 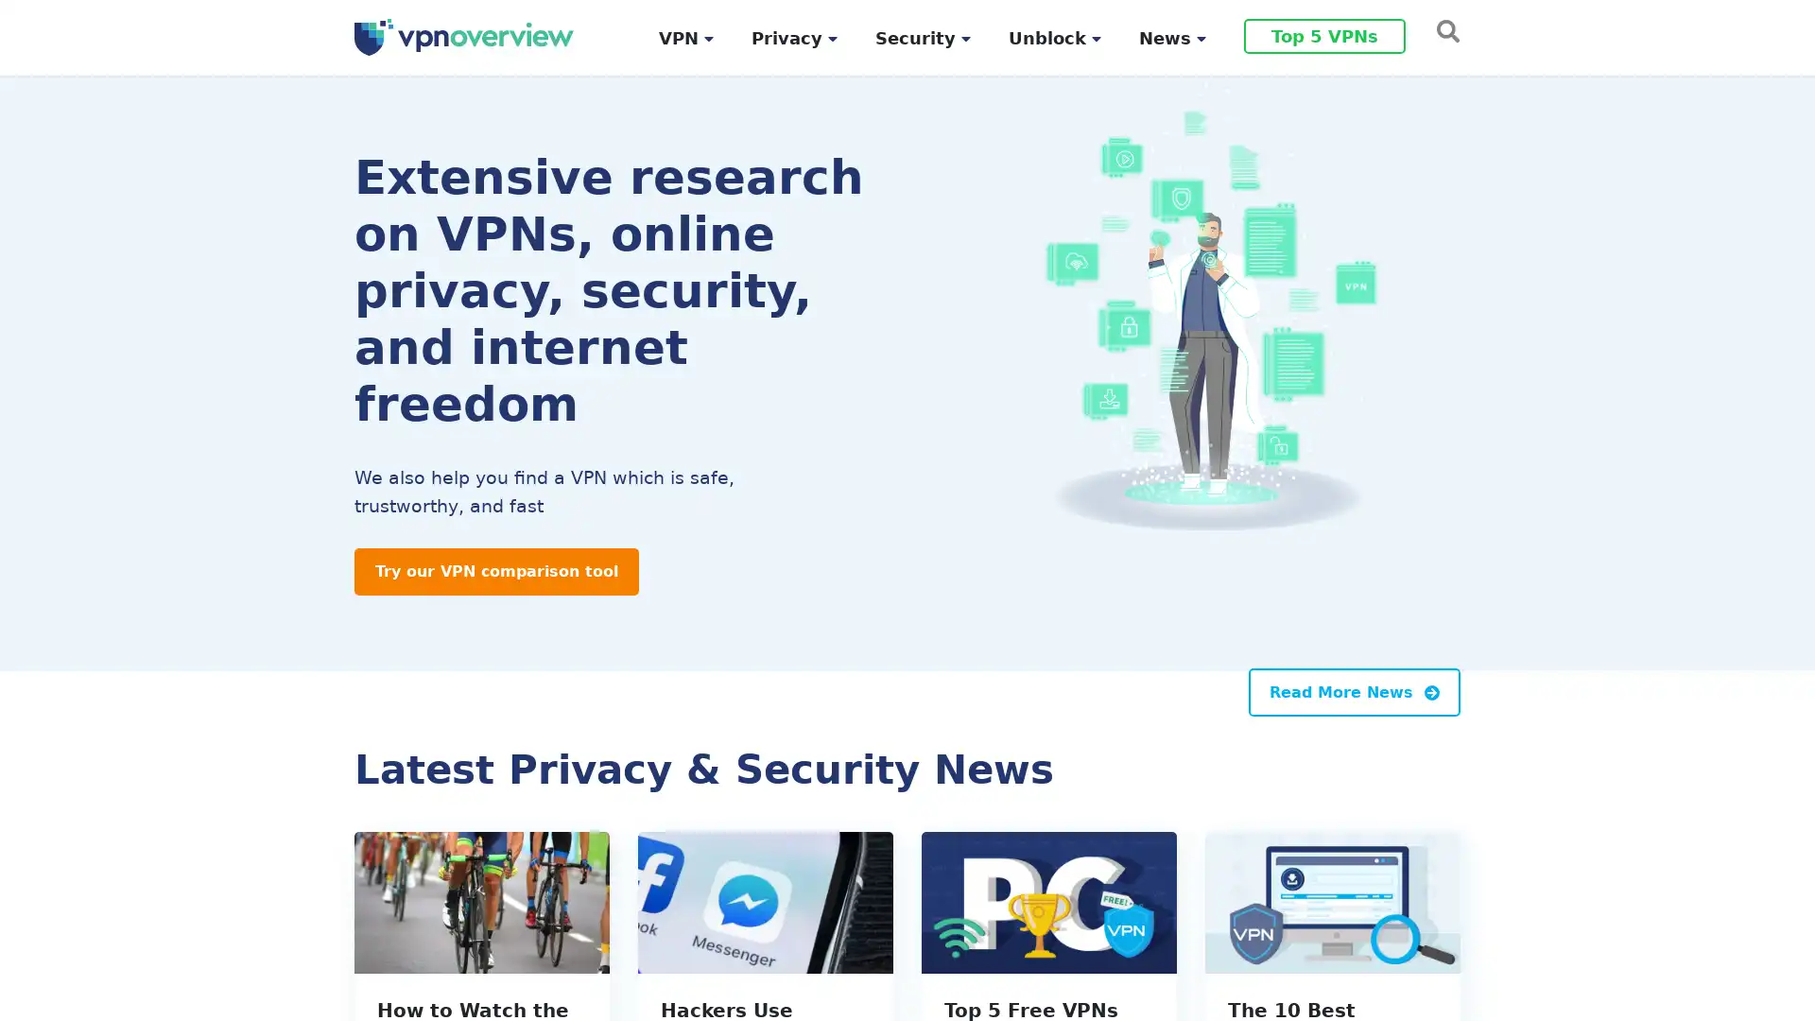 I want to click on Search, so click(x=1442, y=29).